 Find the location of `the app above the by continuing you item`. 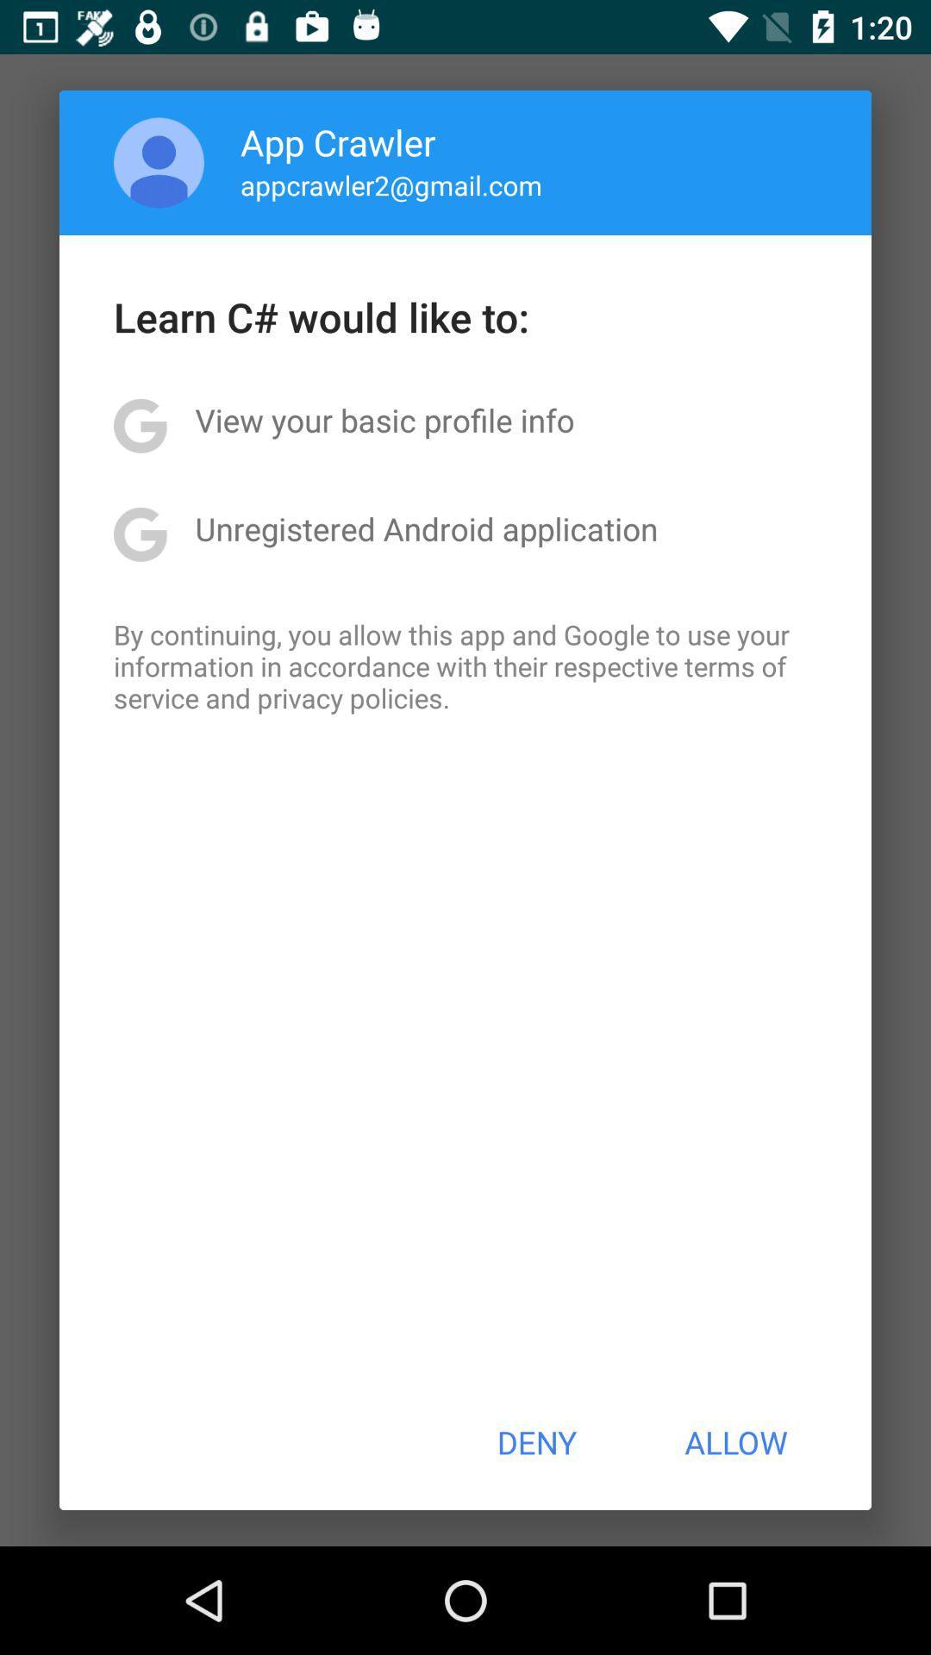

the app above the by continuing you item is located at coordinates (426, 528).